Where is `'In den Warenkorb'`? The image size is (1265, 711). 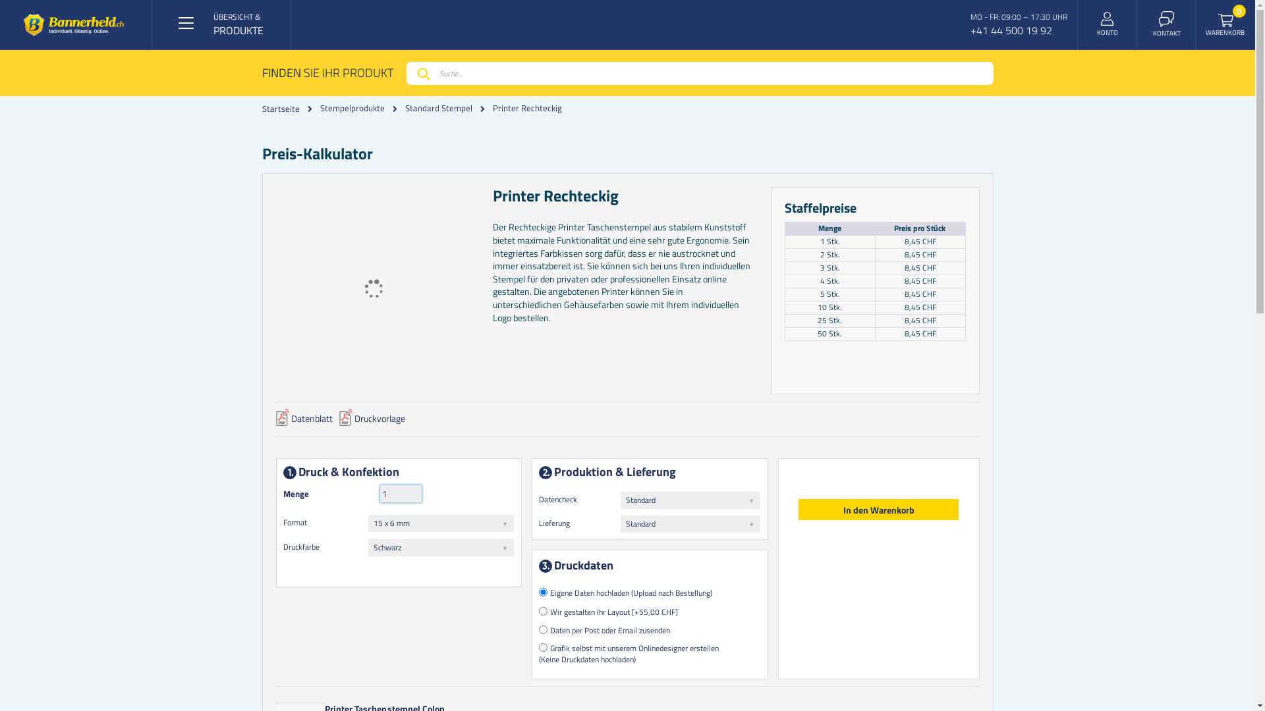
'In den Warenkorb' is located at coordinates (878, 509).